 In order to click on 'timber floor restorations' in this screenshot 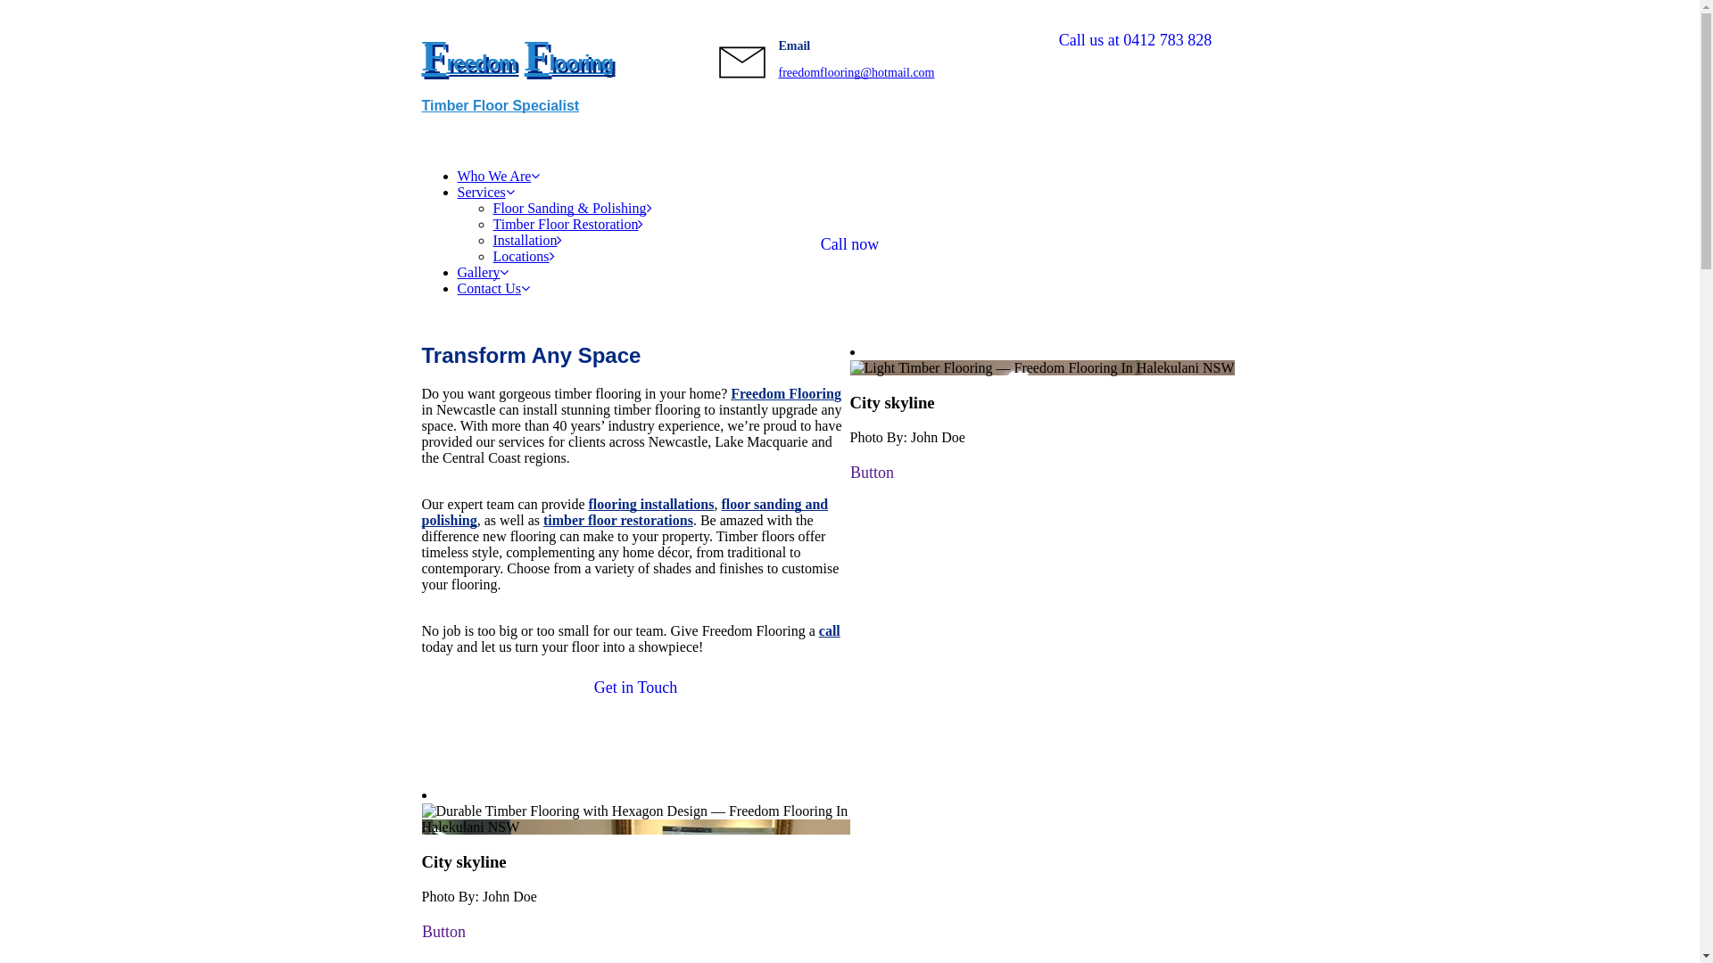, I will do `click(542, 520)`.